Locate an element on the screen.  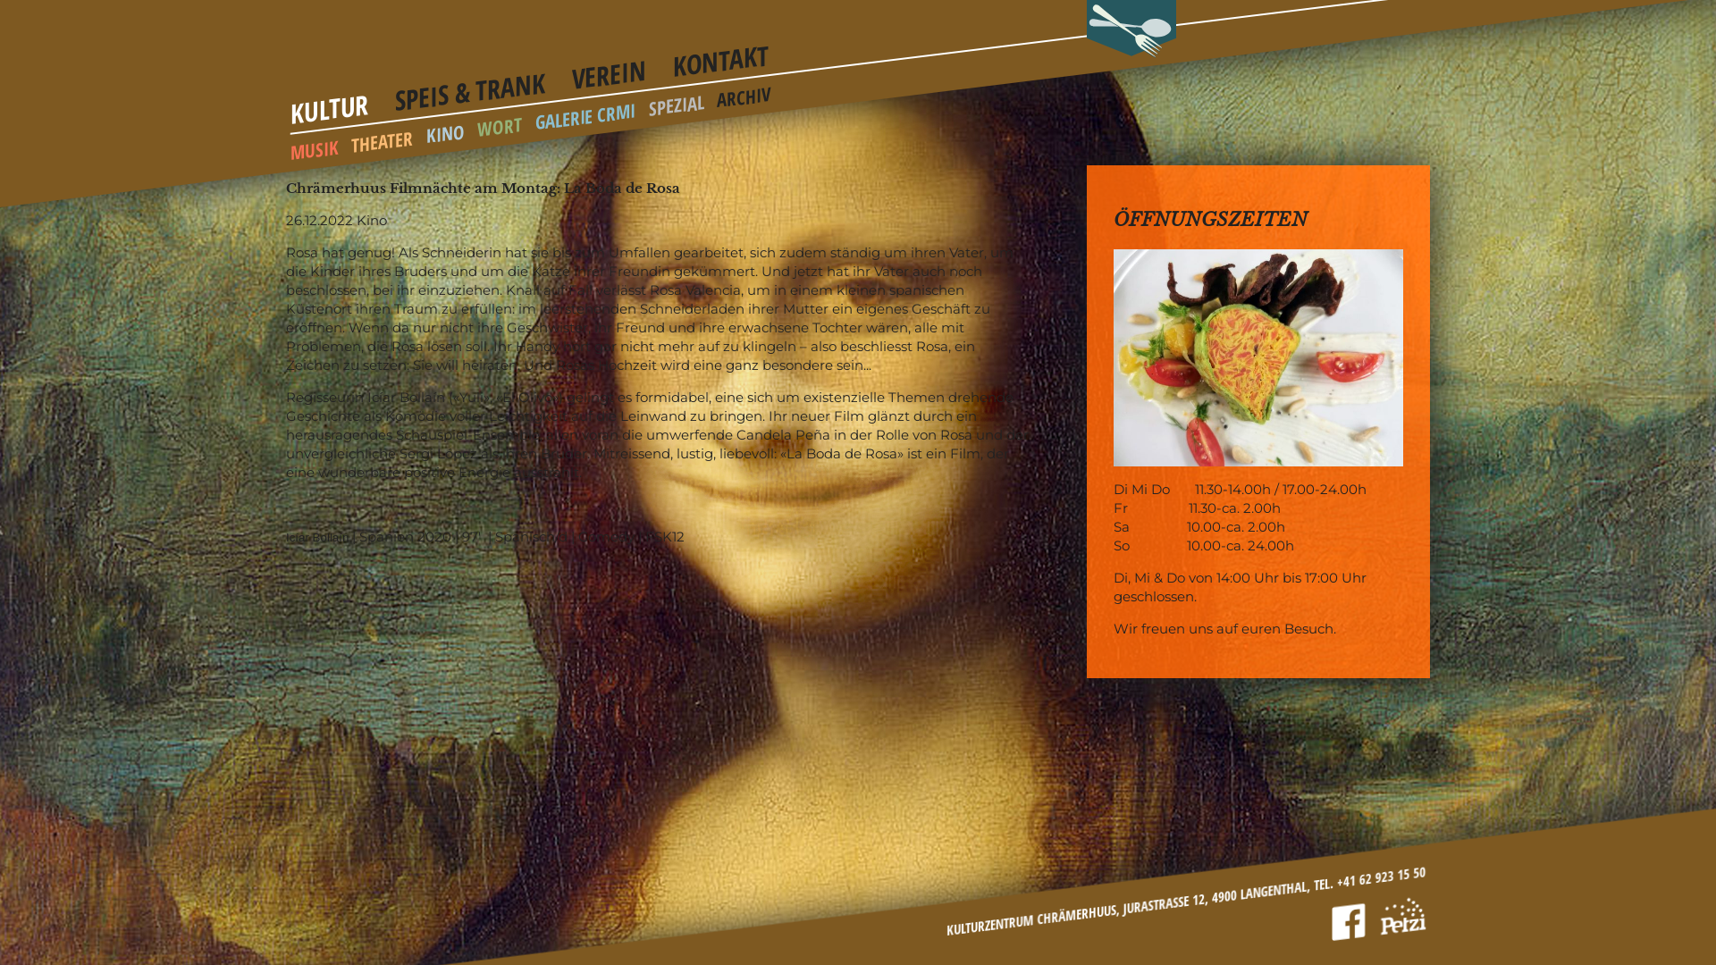
'Vorverkauf' is located at coordinates (1401, 912).